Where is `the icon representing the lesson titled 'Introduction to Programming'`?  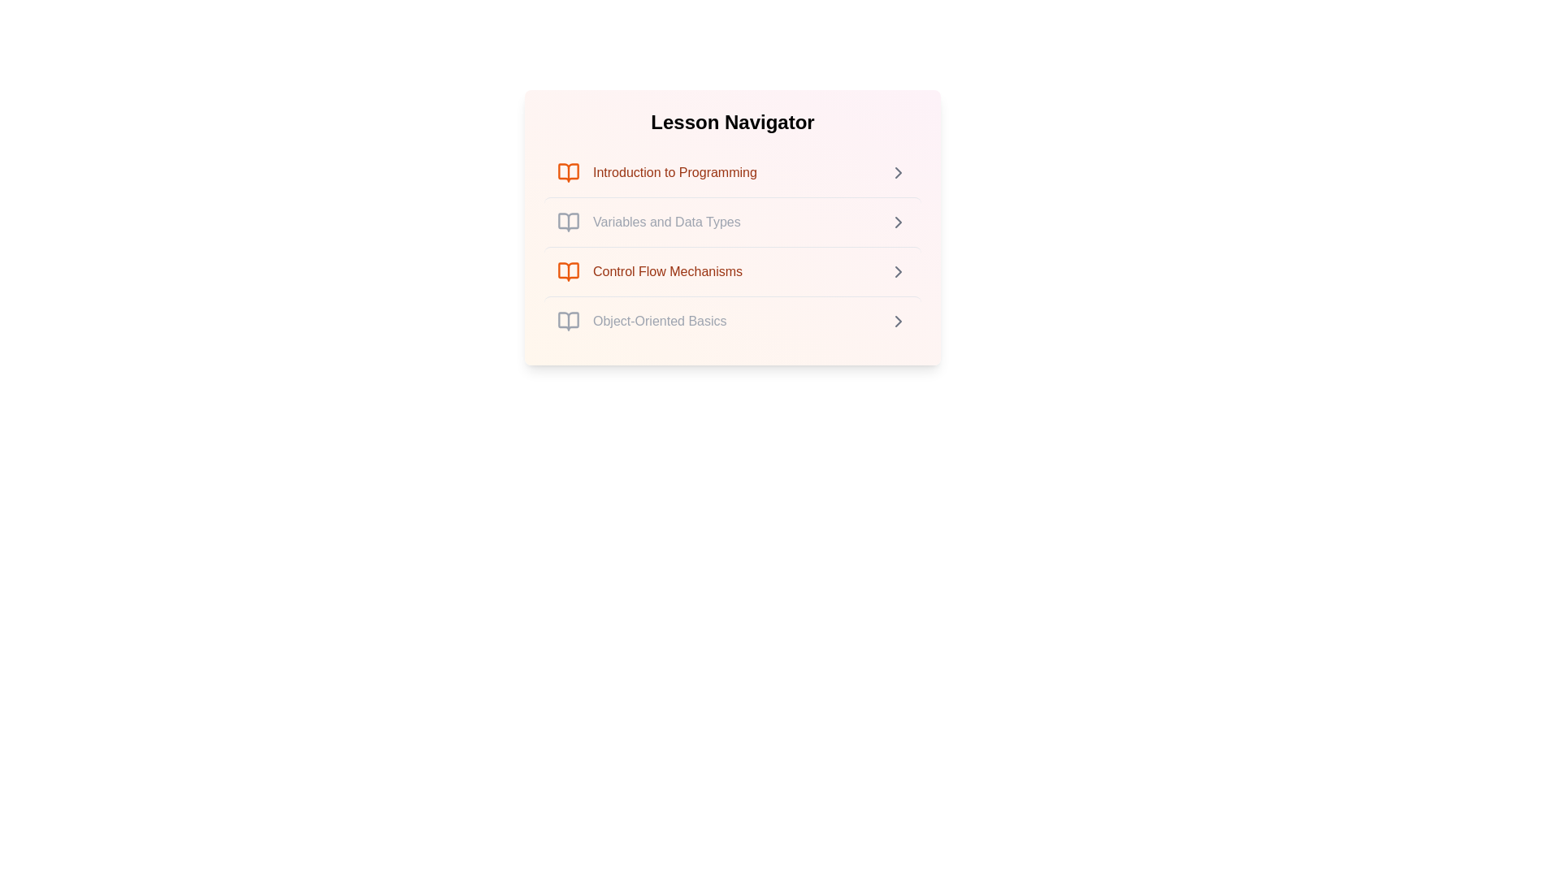 the icon representing the lesson titled 'Introduction to Programming' is located at coordinates (569, 172).